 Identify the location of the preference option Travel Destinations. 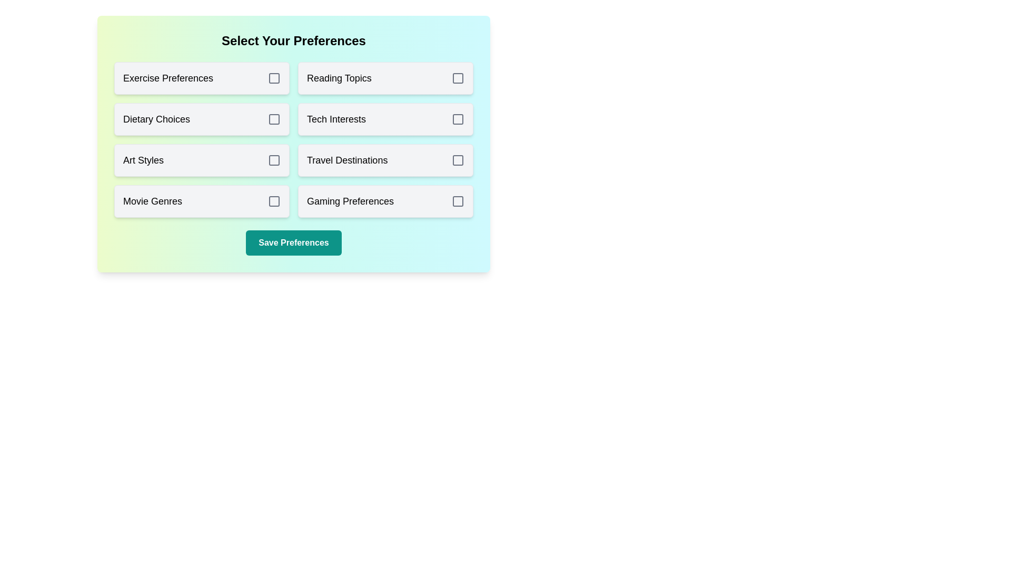
(385, 160).